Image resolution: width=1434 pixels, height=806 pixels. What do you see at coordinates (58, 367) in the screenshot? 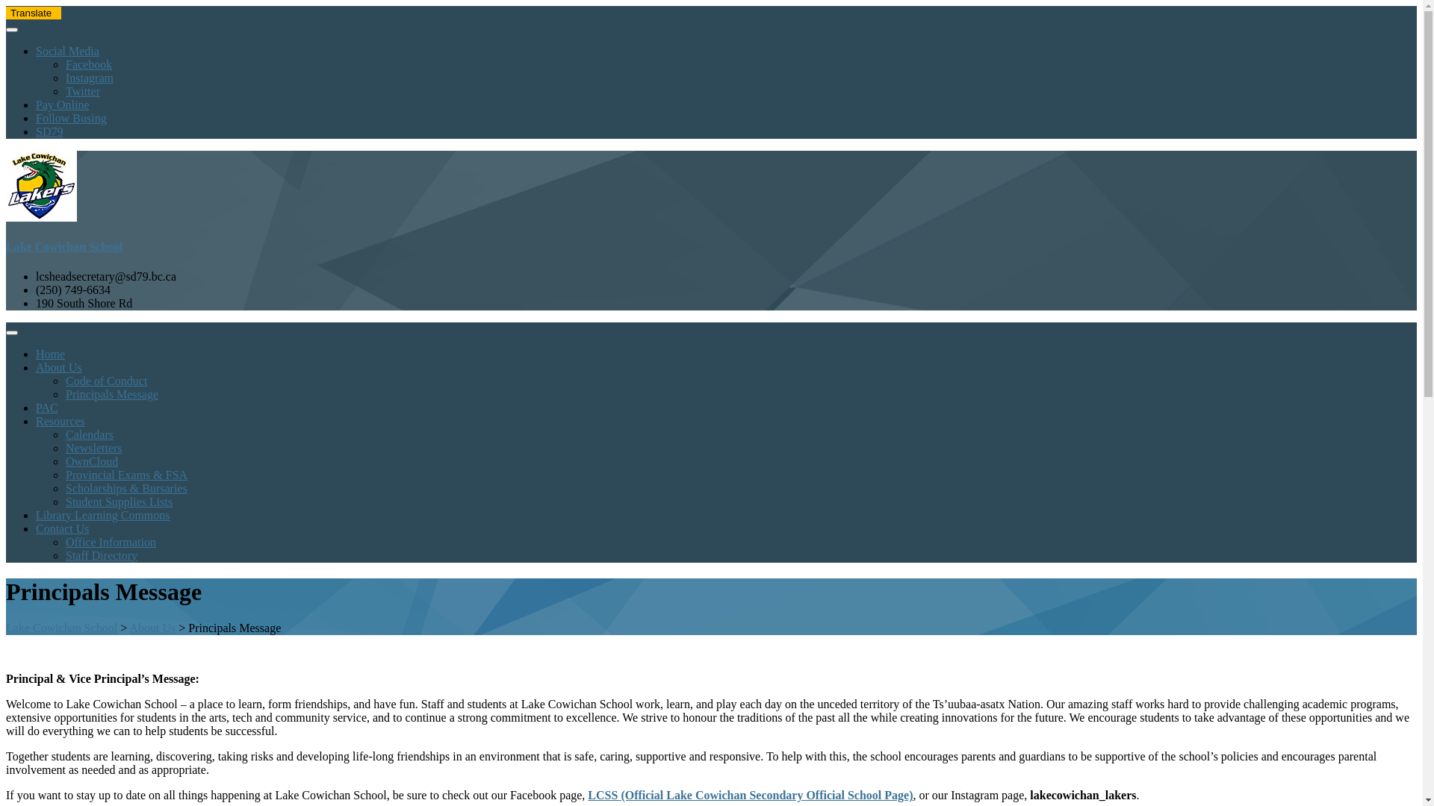
I see `'About Us'` at bounding box center [58, 367].